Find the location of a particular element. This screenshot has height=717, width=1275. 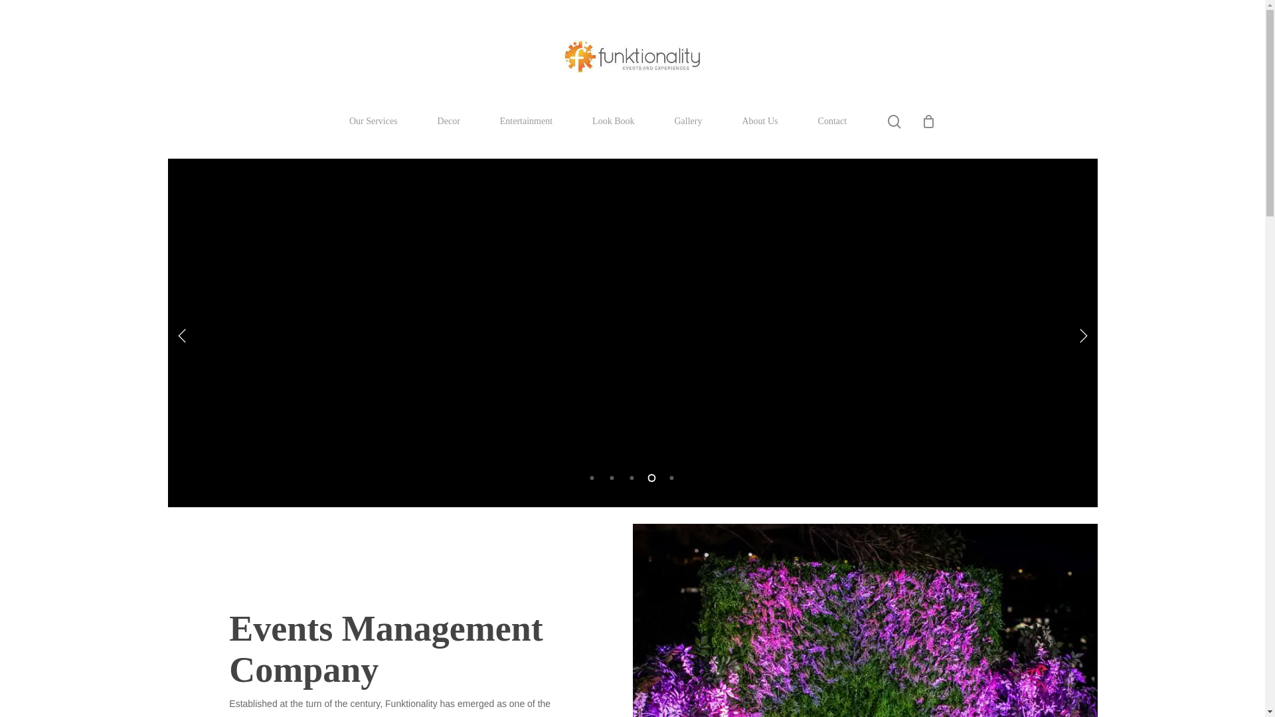

'About Us' is located at coordinates (759, 121).